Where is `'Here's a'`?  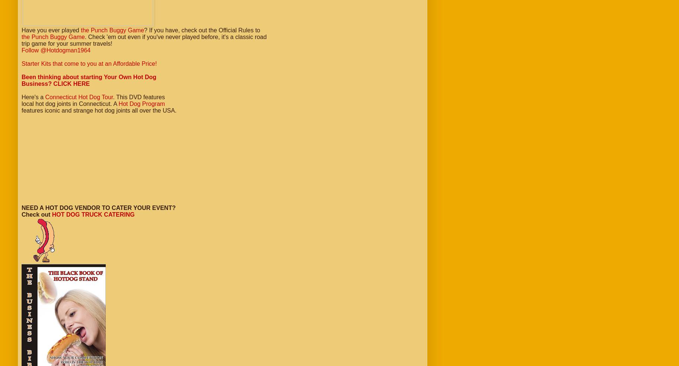
'Here's a' is located at coordinates (21, 97).